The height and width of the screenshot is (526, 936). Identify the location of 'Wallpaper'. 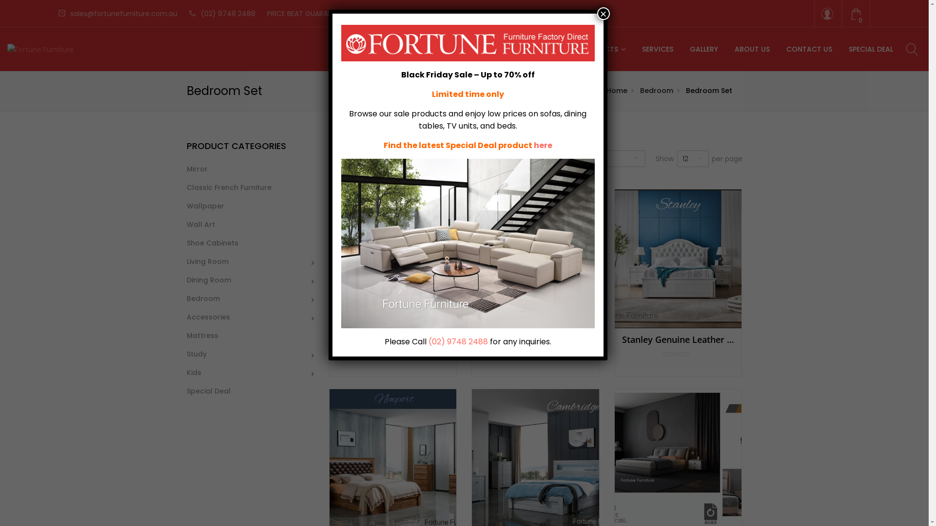
(204, 204).